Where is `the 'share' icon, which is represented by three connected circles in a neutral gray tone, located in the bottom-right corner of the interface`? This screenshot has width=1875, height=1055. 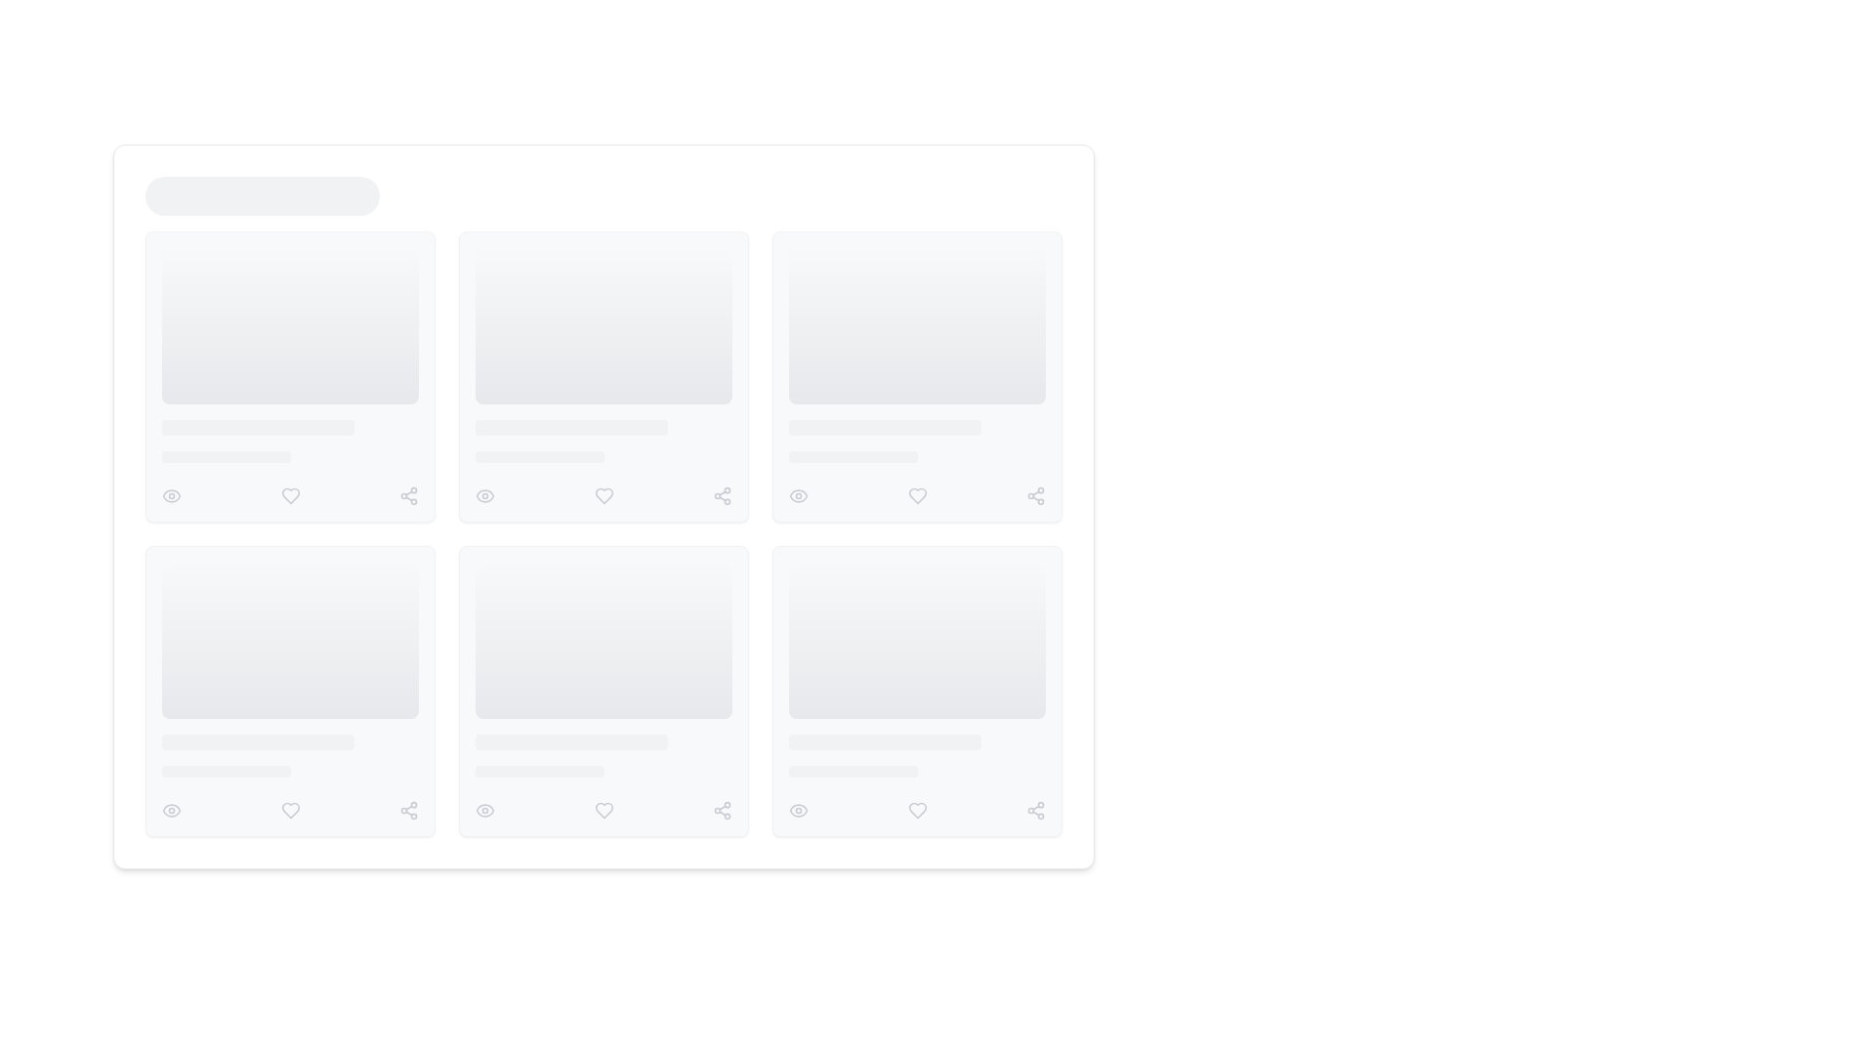
the 'share' icon, which is represented by three connected circles in a neutral gray tone, located in the bottom-right corner of the interface is located at coordinates (1034, 810).